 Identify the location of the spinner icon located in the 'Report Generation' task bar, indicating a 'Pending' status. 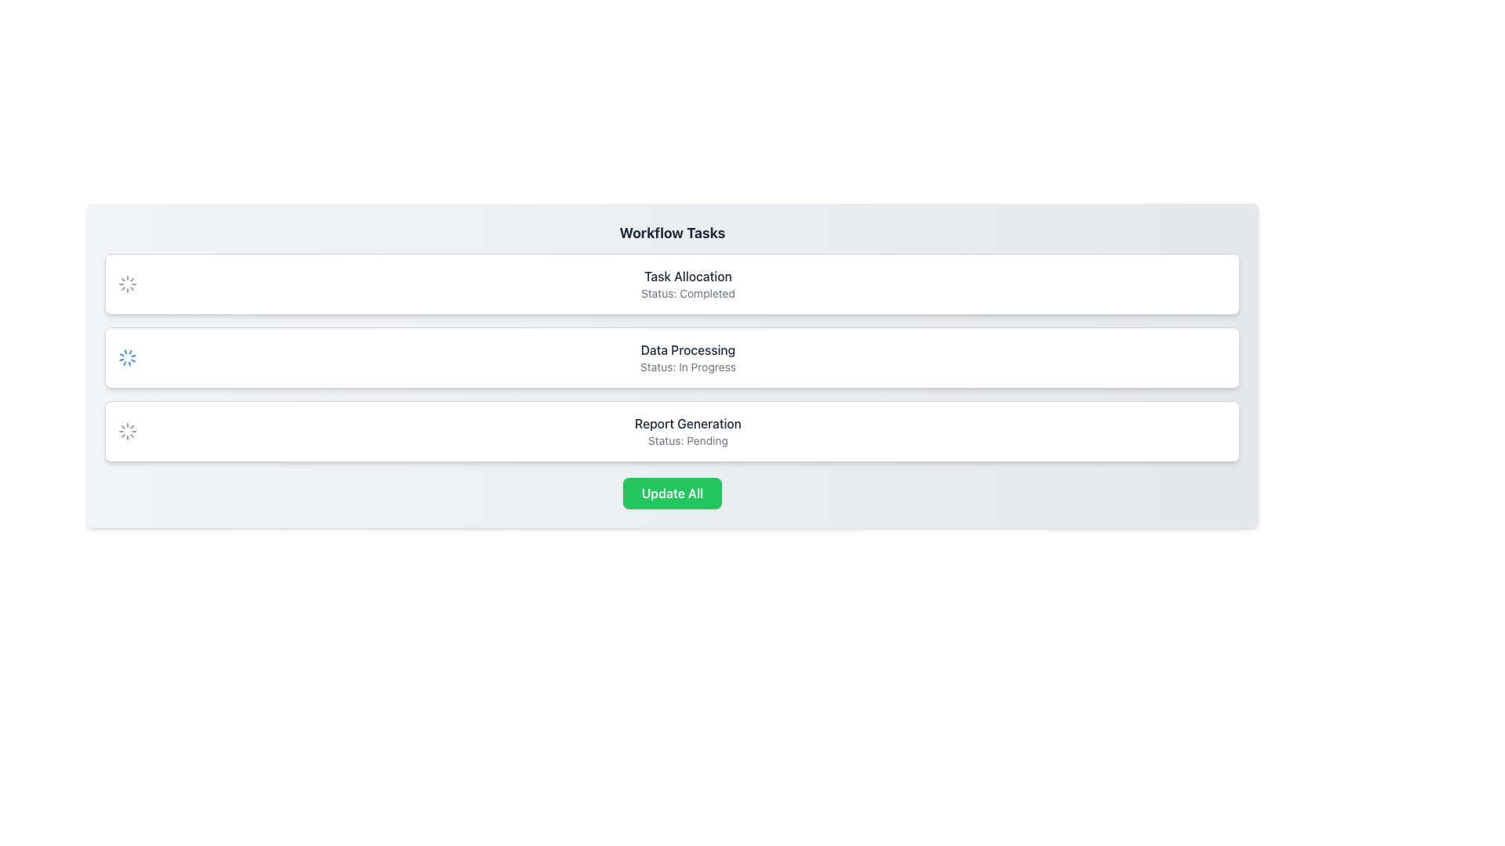
(128, 432).